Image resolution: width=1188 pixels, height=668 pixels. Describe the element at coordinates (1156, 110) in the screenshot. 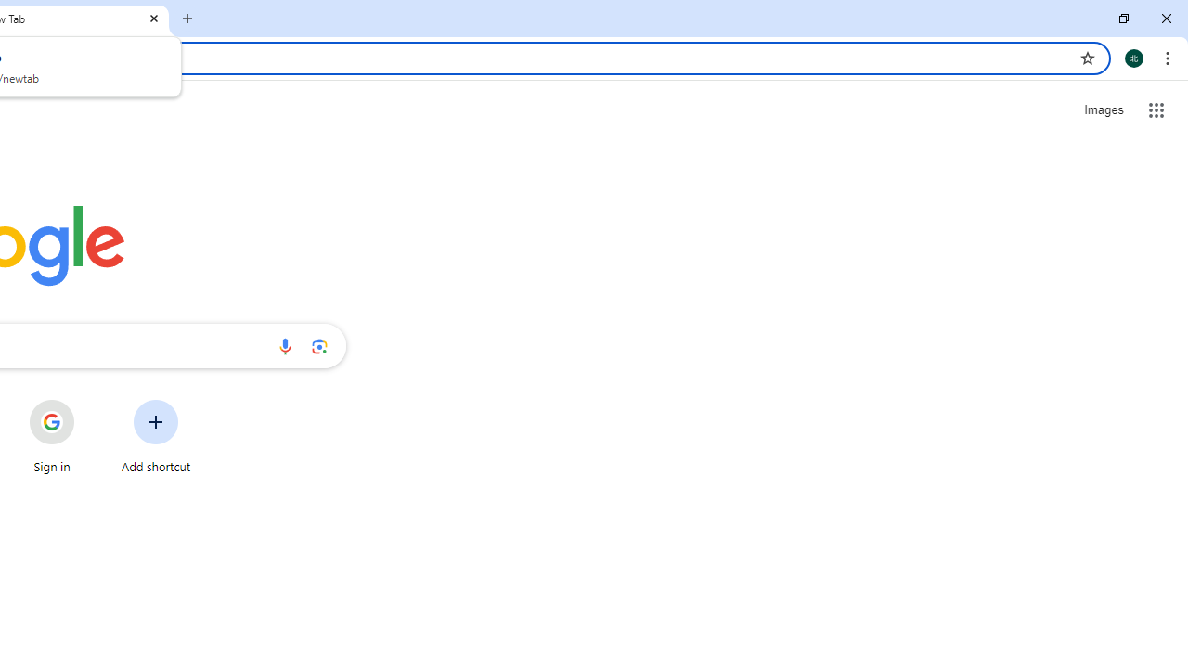

I see `'Google apps'` at that location.